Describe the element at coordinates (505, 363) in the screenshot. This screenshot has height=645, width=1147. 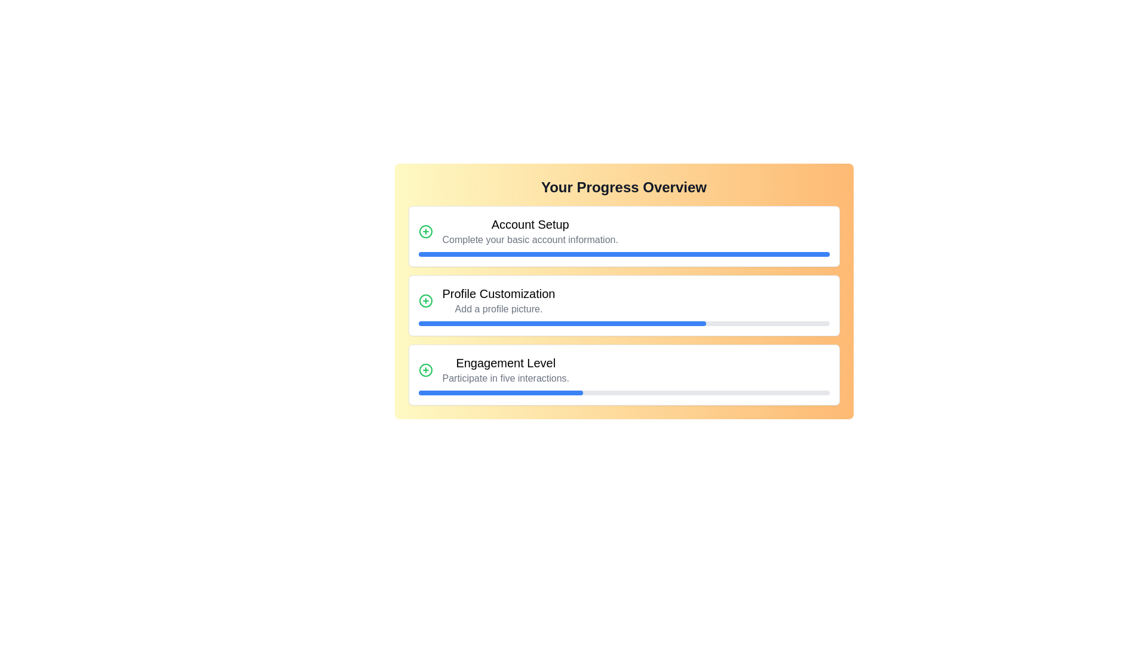
I see `the 'Engagement Level' section title label, which is located above the text 'Participate in five interactions.' and the progress bar` at that location.